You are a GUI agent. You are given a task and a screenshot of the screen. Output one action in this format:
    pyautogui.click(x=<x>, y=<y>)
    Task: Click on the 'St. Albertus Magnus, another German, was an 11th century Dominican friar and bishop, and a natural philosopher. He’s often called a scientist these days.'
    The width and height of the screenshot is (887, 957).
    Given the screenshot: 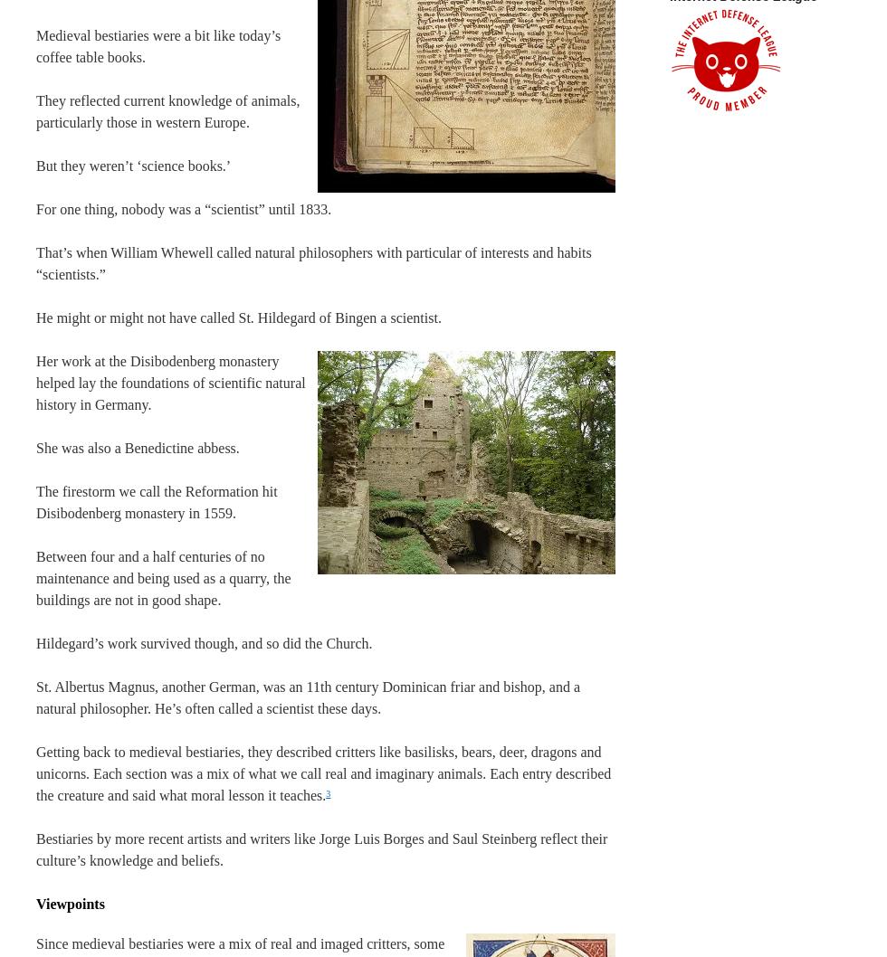 What is the action you would take?
    pyautogui.click(x=308, y=697)
    